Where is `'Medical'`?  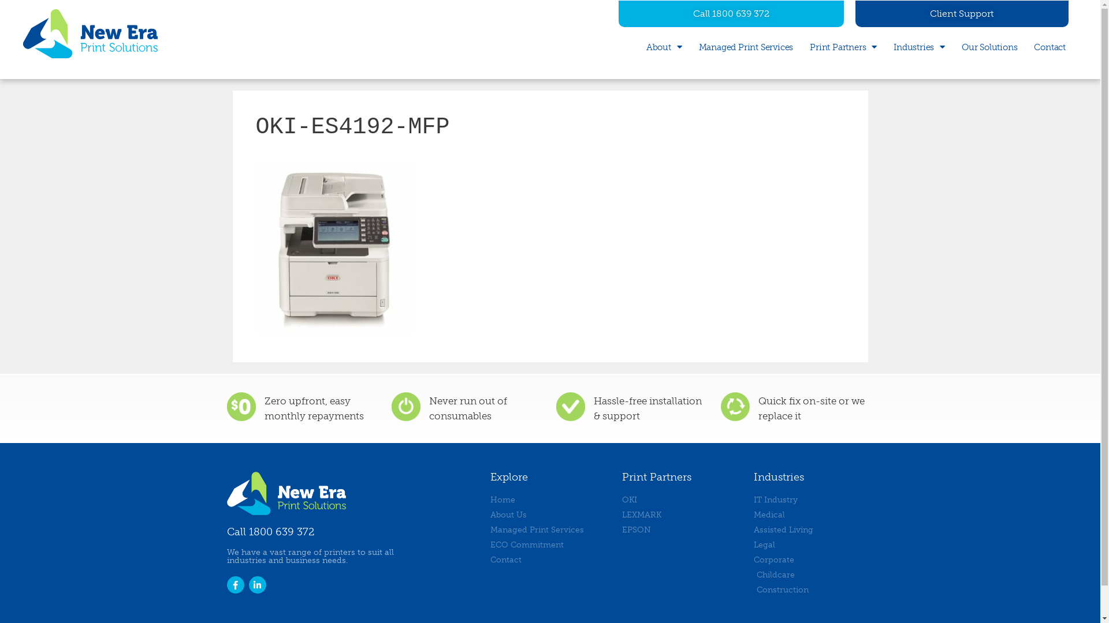 'Medical' is located at coordinates (812, 514).